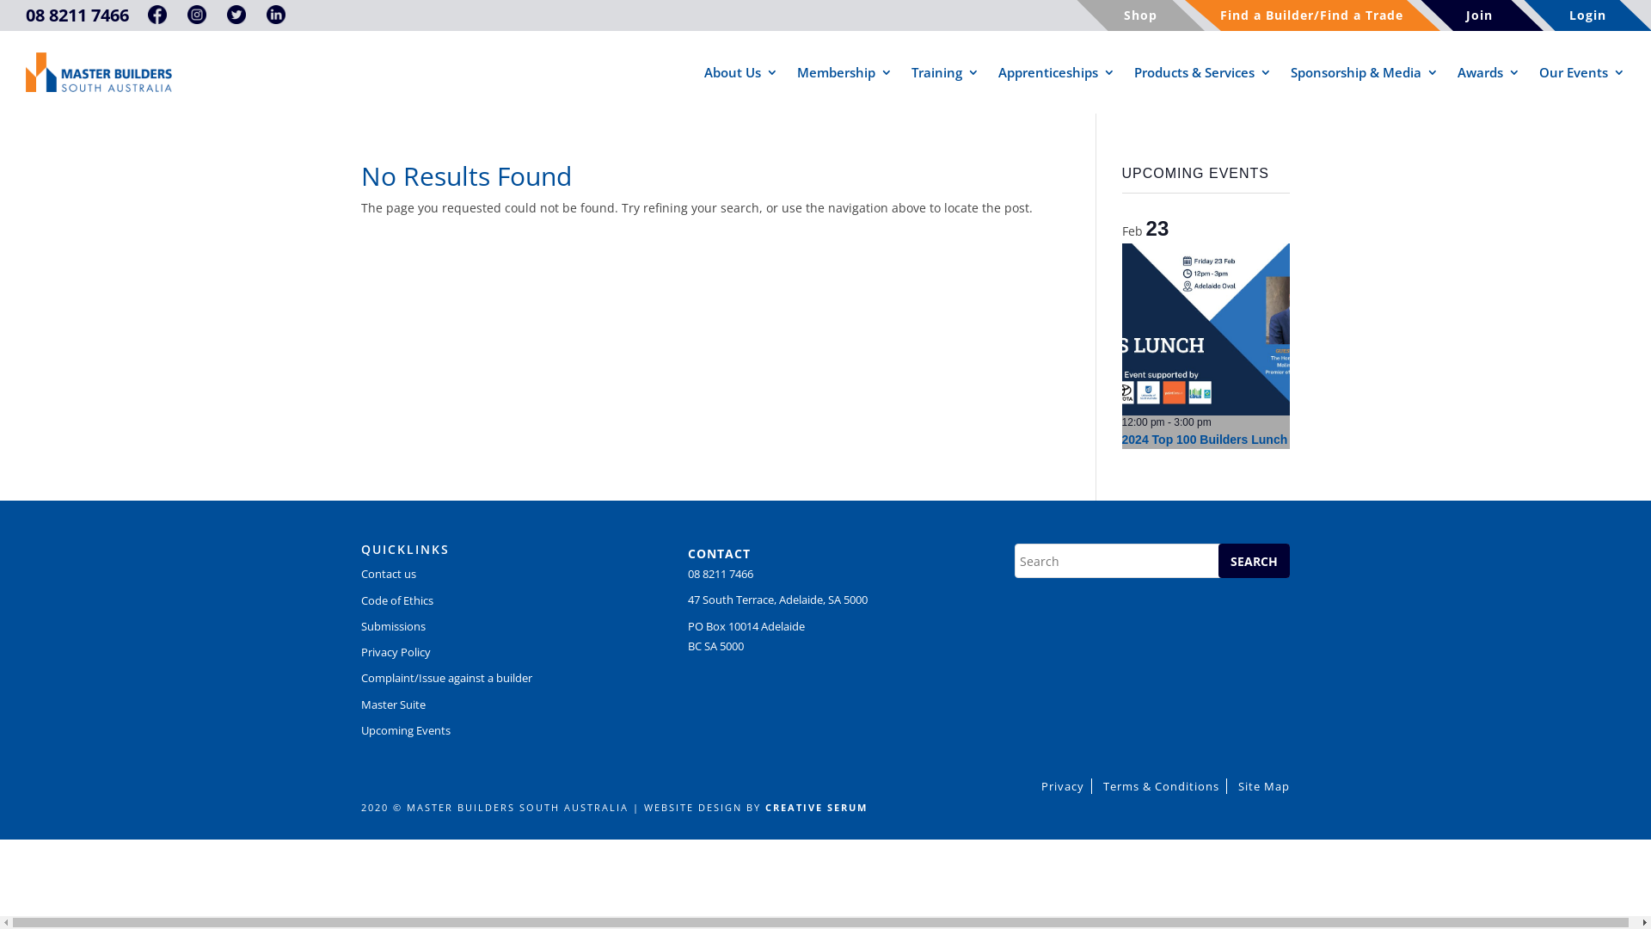  What do you see at coordinates (1055, 71) in the screenshot?
I see `'Apprenticeships'` at bounding box center [1055, 71].